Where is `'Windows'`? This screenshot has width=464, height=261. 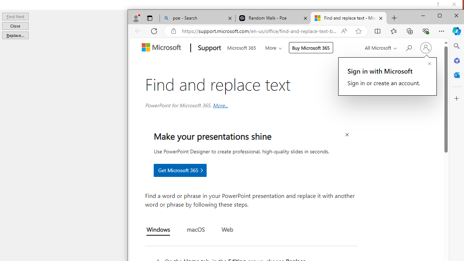
'Windows' is located at coordinates (158, 231).